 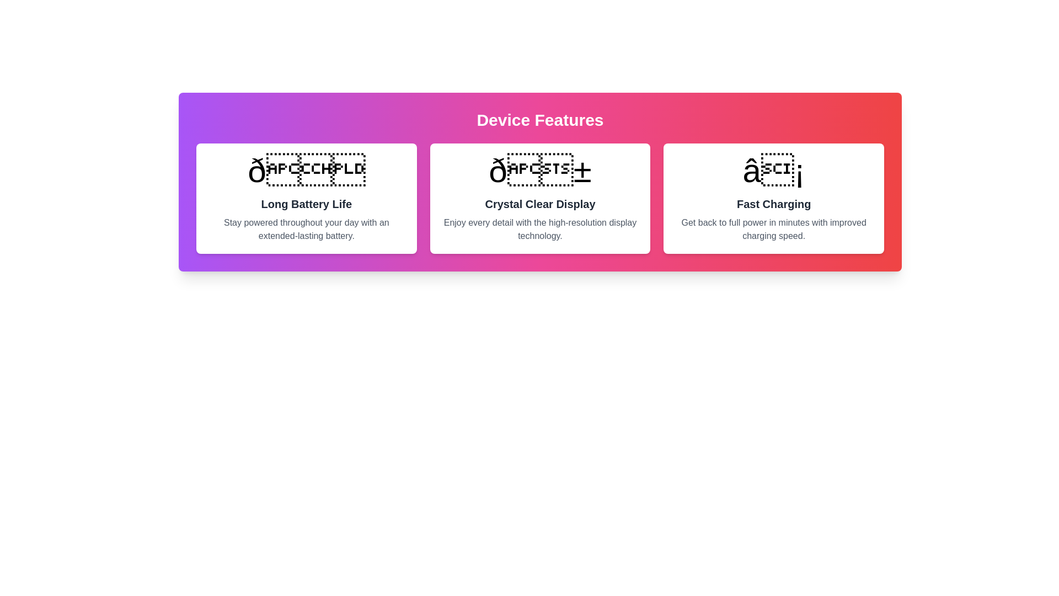 I want to click on the text block displaying 'Enjoy every detail with the high-resolution display technology.' located under the heading 'Crystal Clear Display' in the middle card of the 'Device Features', so click(x=540, y=229).